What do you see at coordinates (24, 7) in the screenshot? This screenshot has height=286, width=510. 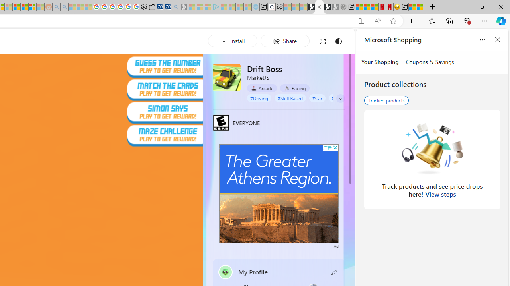 I see `'Kinda Frugal - MSN'` at bounding box center [24, 7].